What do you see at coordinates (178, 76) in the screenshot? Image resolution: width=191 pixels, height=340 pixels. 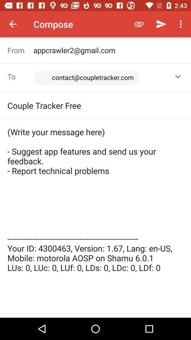 I see `the item next to the <contact@coupletracker.com>,  icon` at bounding box center [178, 76].